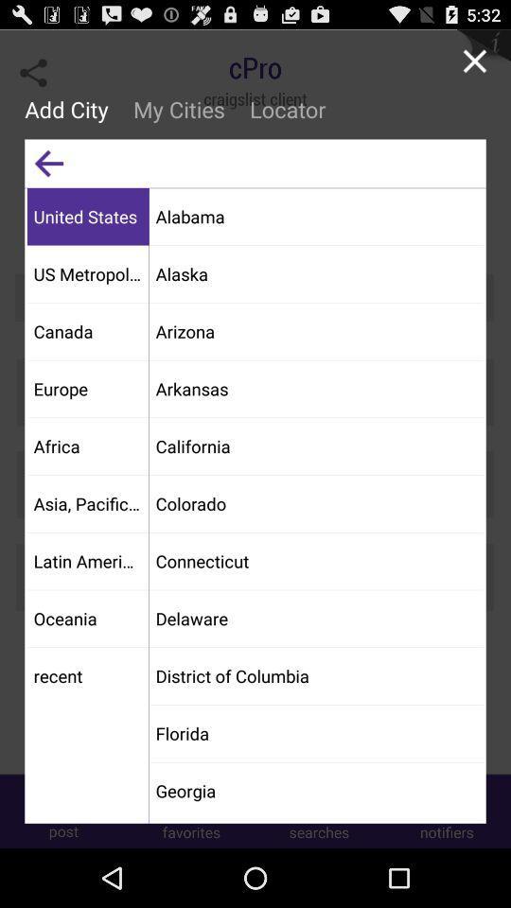  I want to click on the colorado, so click(316, 502).